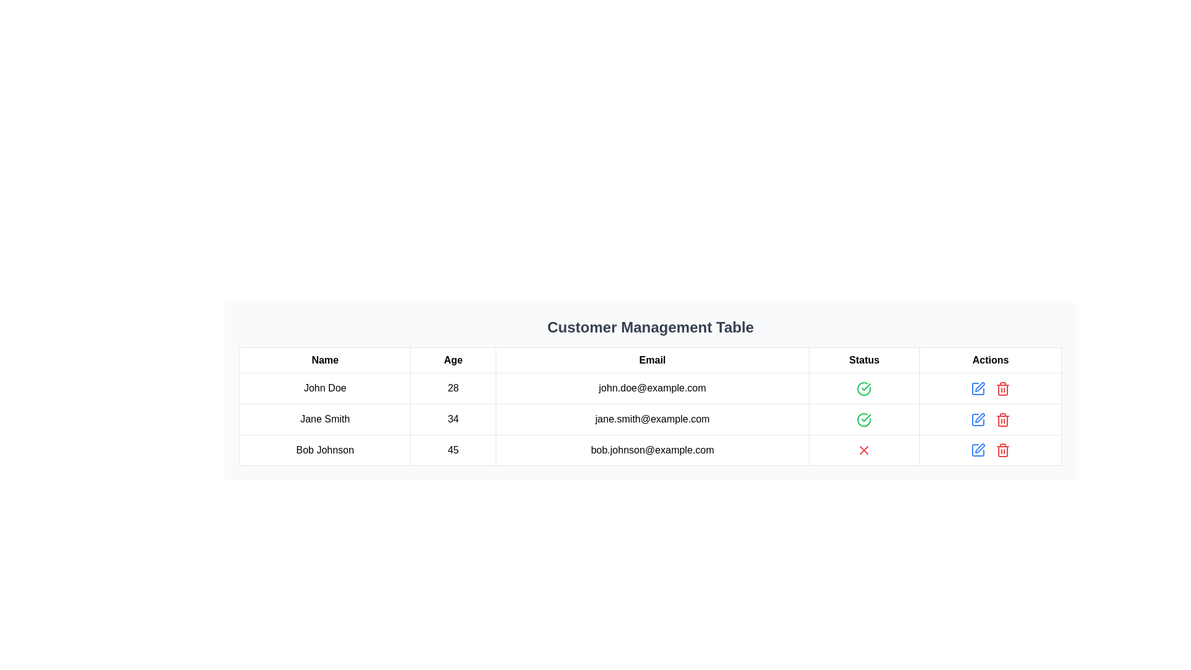 The width and height of the screenshot is (1191, 670). I want to click on the Table Header Cell displaying the text 'Age', which is styled with a bordered box layout and is located in the second column of the header row, so click(452, 360).